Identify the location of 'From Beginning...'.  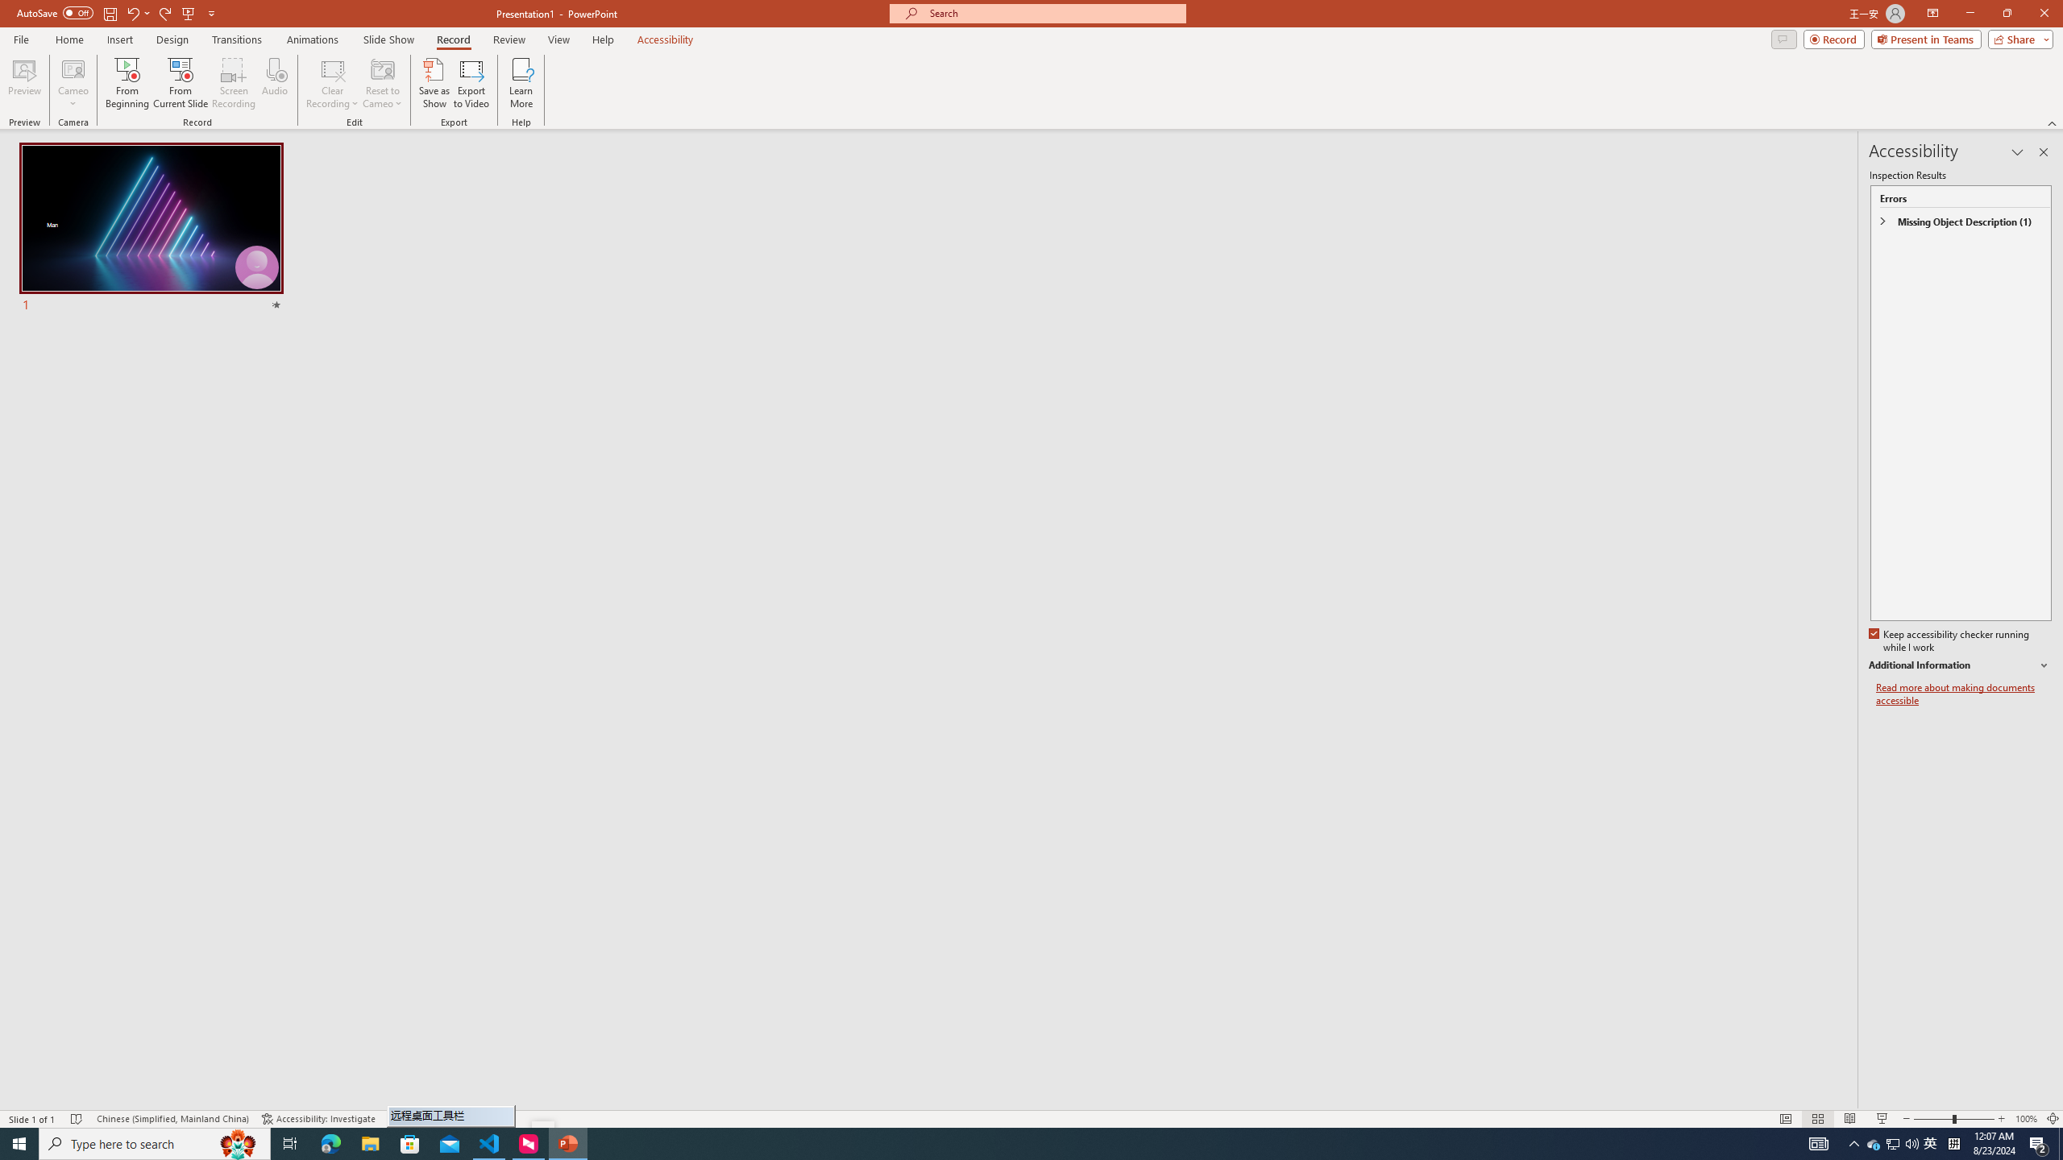
(126, 83).